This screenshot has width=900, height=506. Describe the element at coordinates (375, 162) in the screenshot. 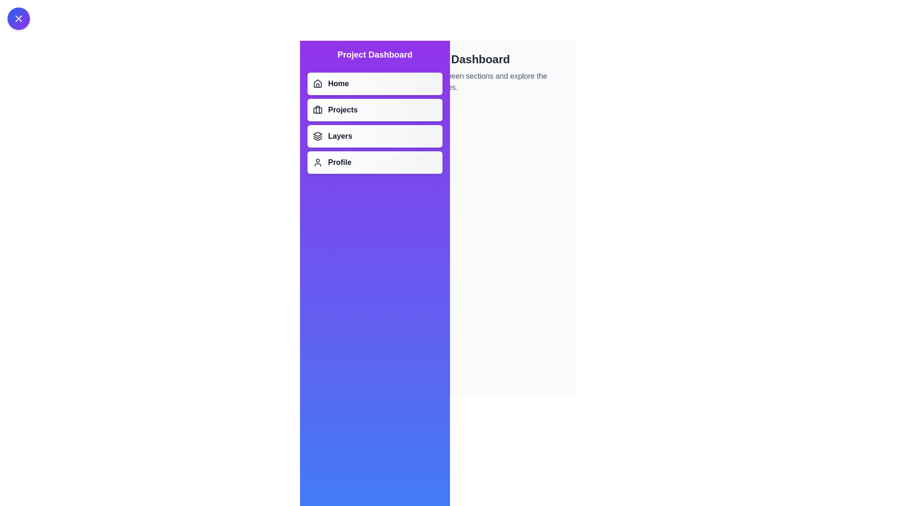

I see `the navigation section button labeled Profile` at that location.